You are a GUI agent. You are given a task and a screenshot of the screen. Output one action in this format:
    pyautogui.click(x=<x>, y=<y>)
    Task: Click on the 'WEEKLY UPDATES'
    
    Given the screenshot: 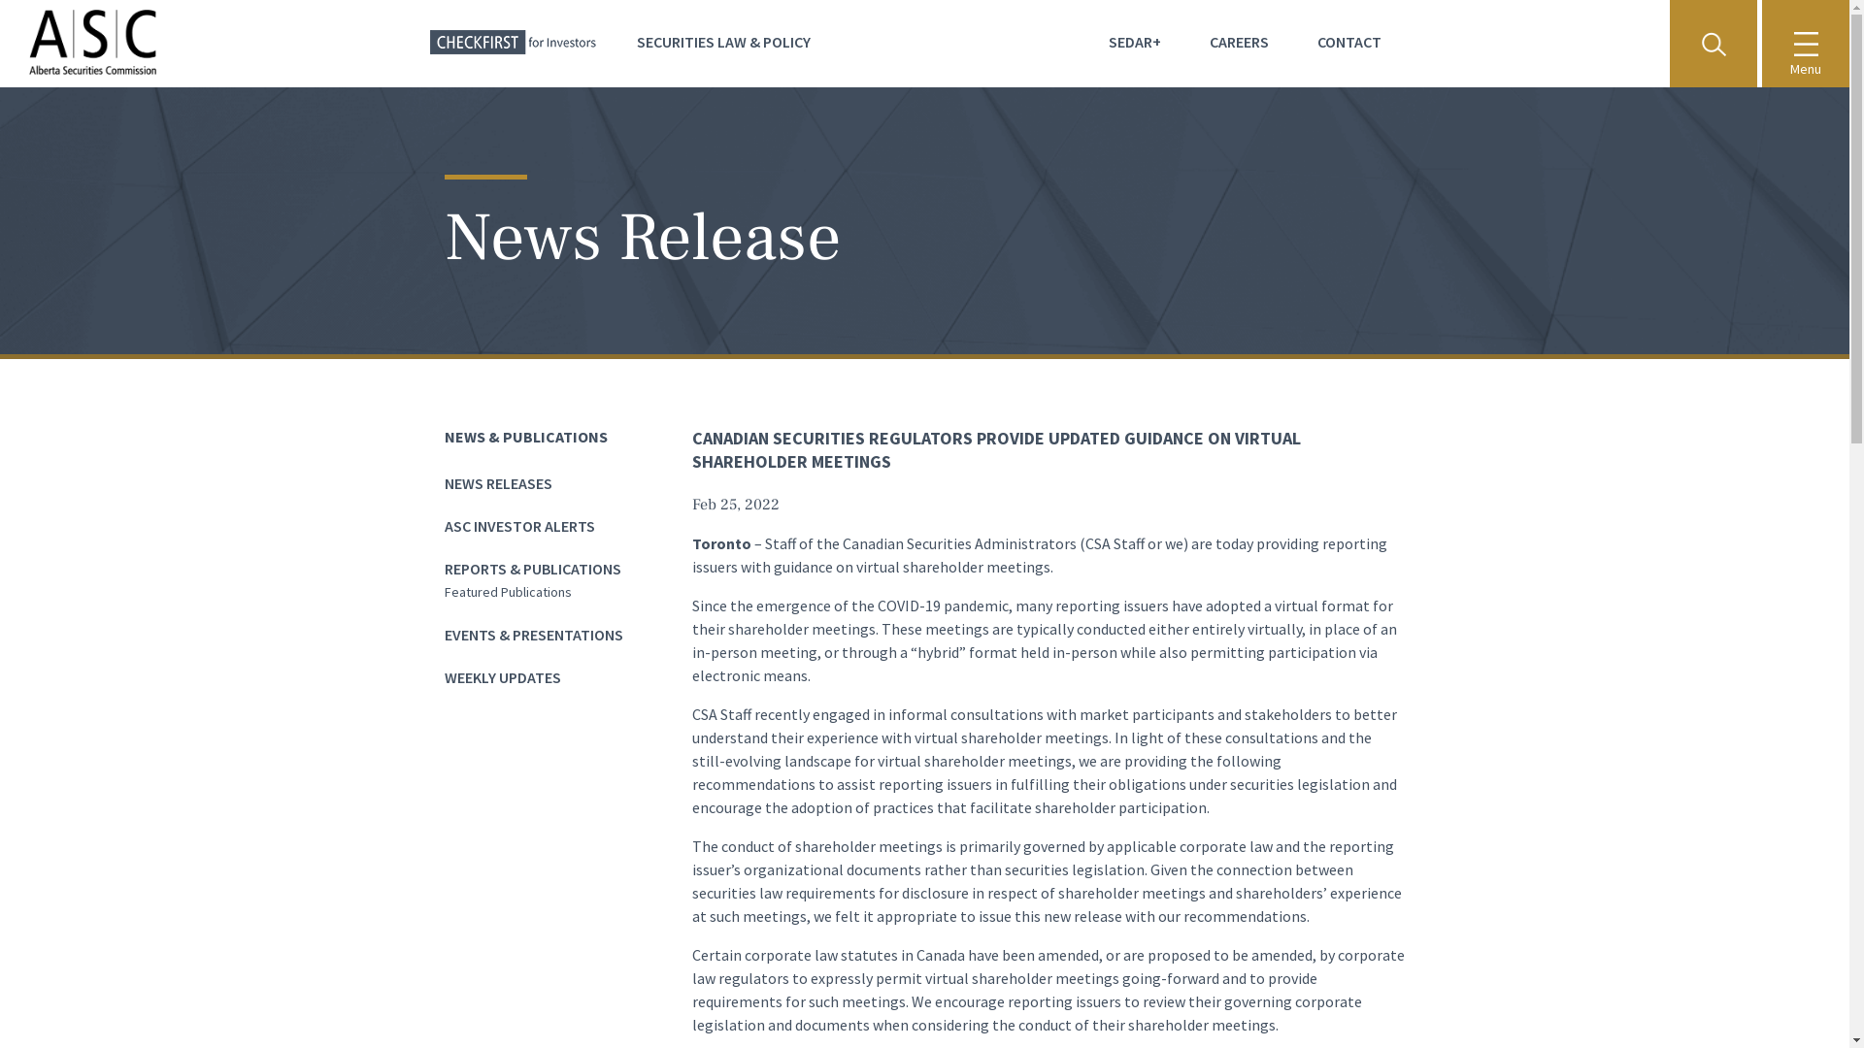 What is the action you would take?
    pyautogui.click(x=503, y=676)
    